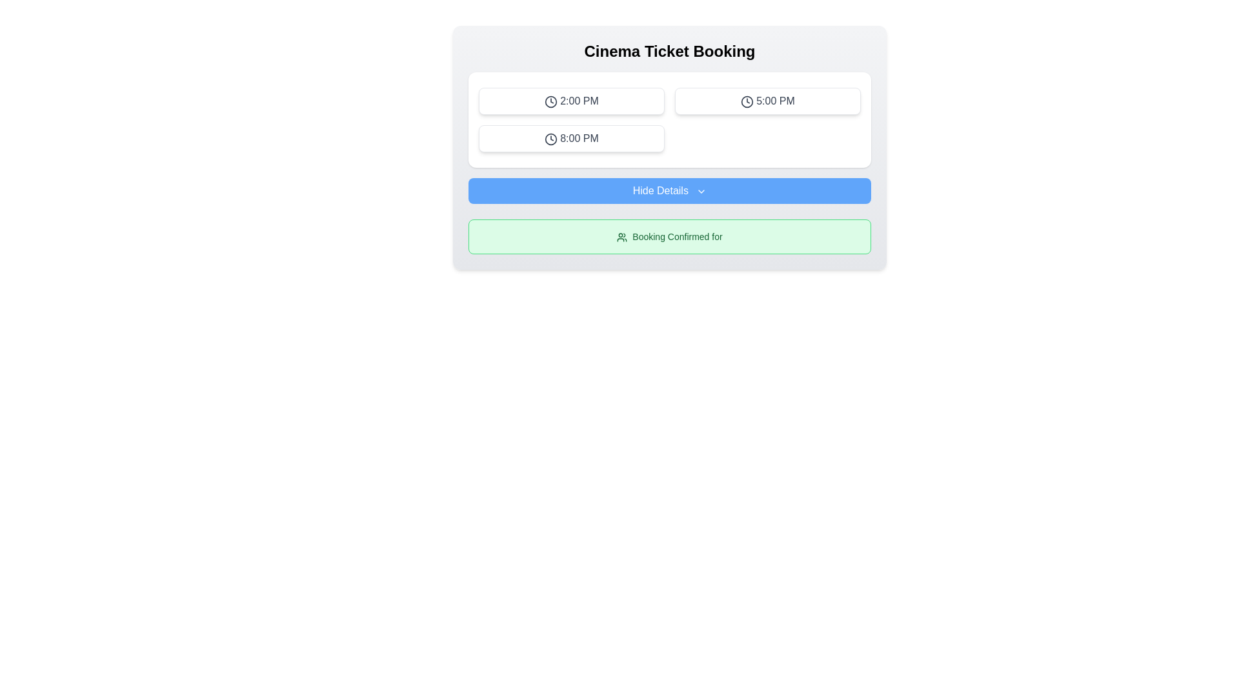 Image resolution: width=1239 pixels, height=697 pixels. What do you see at coordinates (747, 101) in the screenshot?
I see `the small circular clock icon inside the button labeled '5:00 PM', positioned towards the left side of the text` at bounding box center [747, 101].